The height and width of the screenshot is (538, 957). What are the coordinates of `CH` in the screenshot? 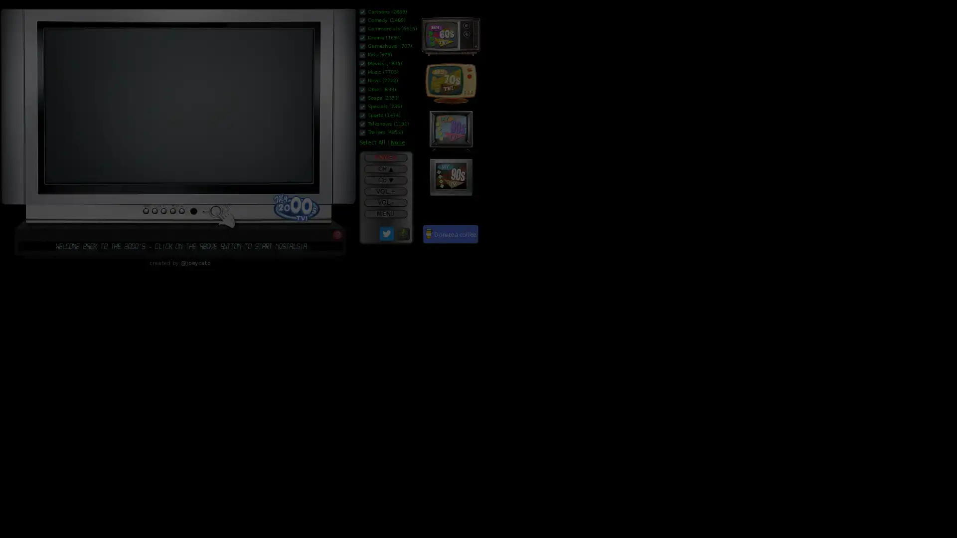 It's located at (385, 180).